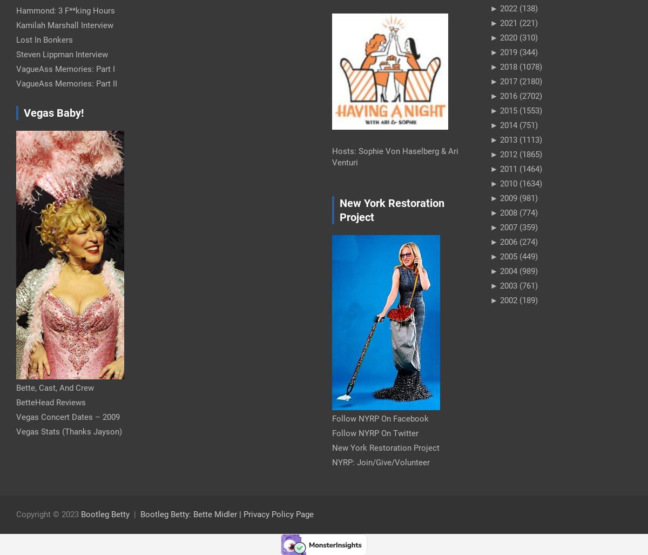 Image resolution: width=648 pixels, height=555 pixels. What do you see at coordinates (528, 240) in the screenshot?
I see `'(274)'` at bounding box center [528, 240].